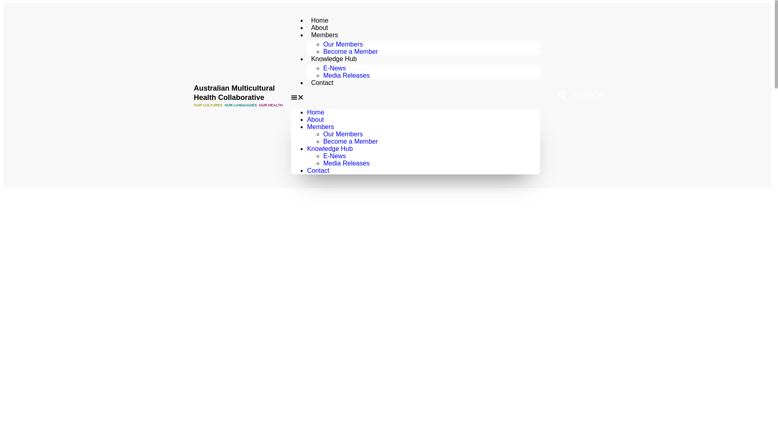 The width and height of the screenshot is (778, 437). What do you see at coordinates (343, 44) in the screenshot?
I see `'Our Members'` at bounding box center [343, 44].